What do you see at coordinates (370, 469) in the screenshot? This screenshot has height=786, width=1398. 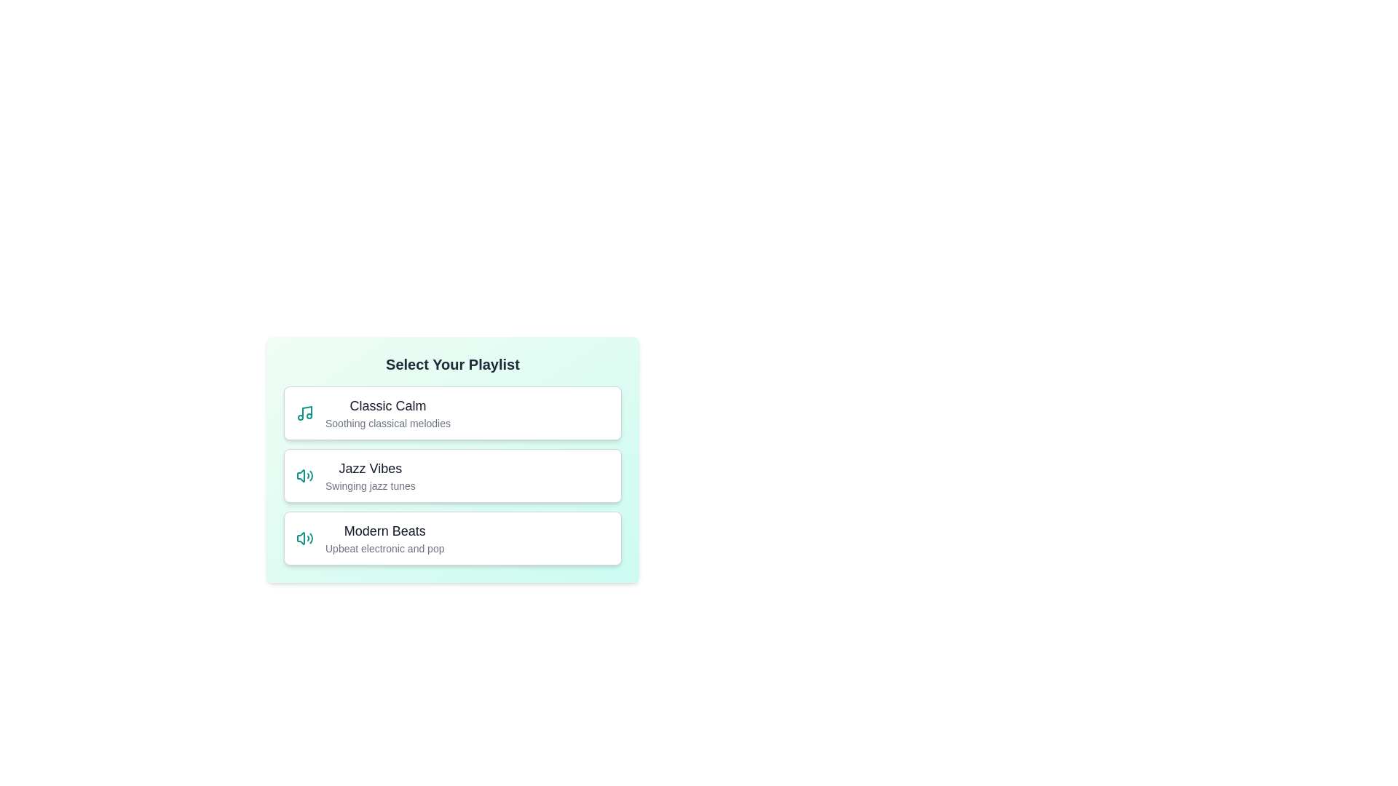 I see `the text label 'Jazz Vibes'` at bounding box center [370, 469].